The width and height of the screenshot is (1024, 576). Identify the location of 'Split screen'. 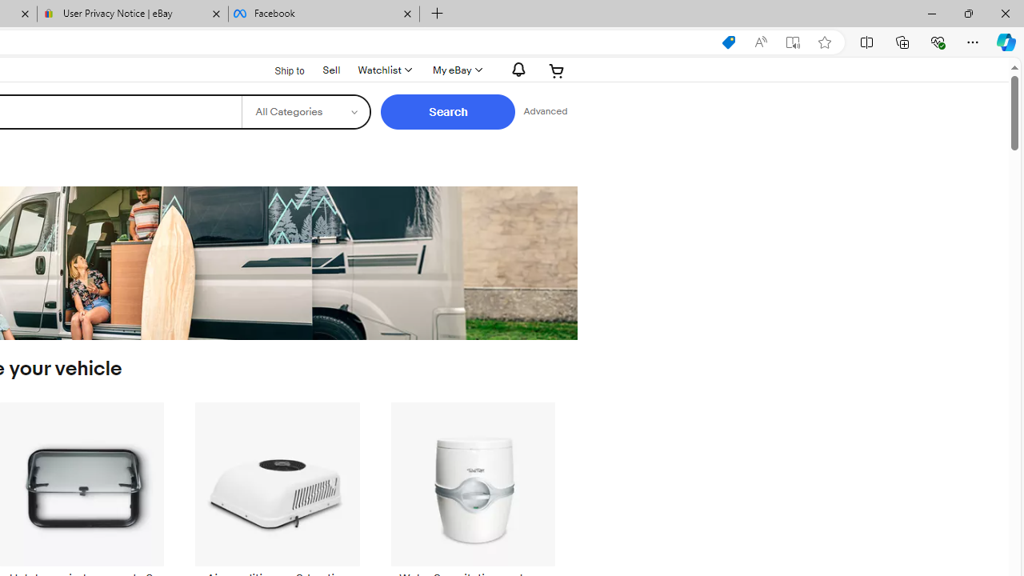
(866, 41).